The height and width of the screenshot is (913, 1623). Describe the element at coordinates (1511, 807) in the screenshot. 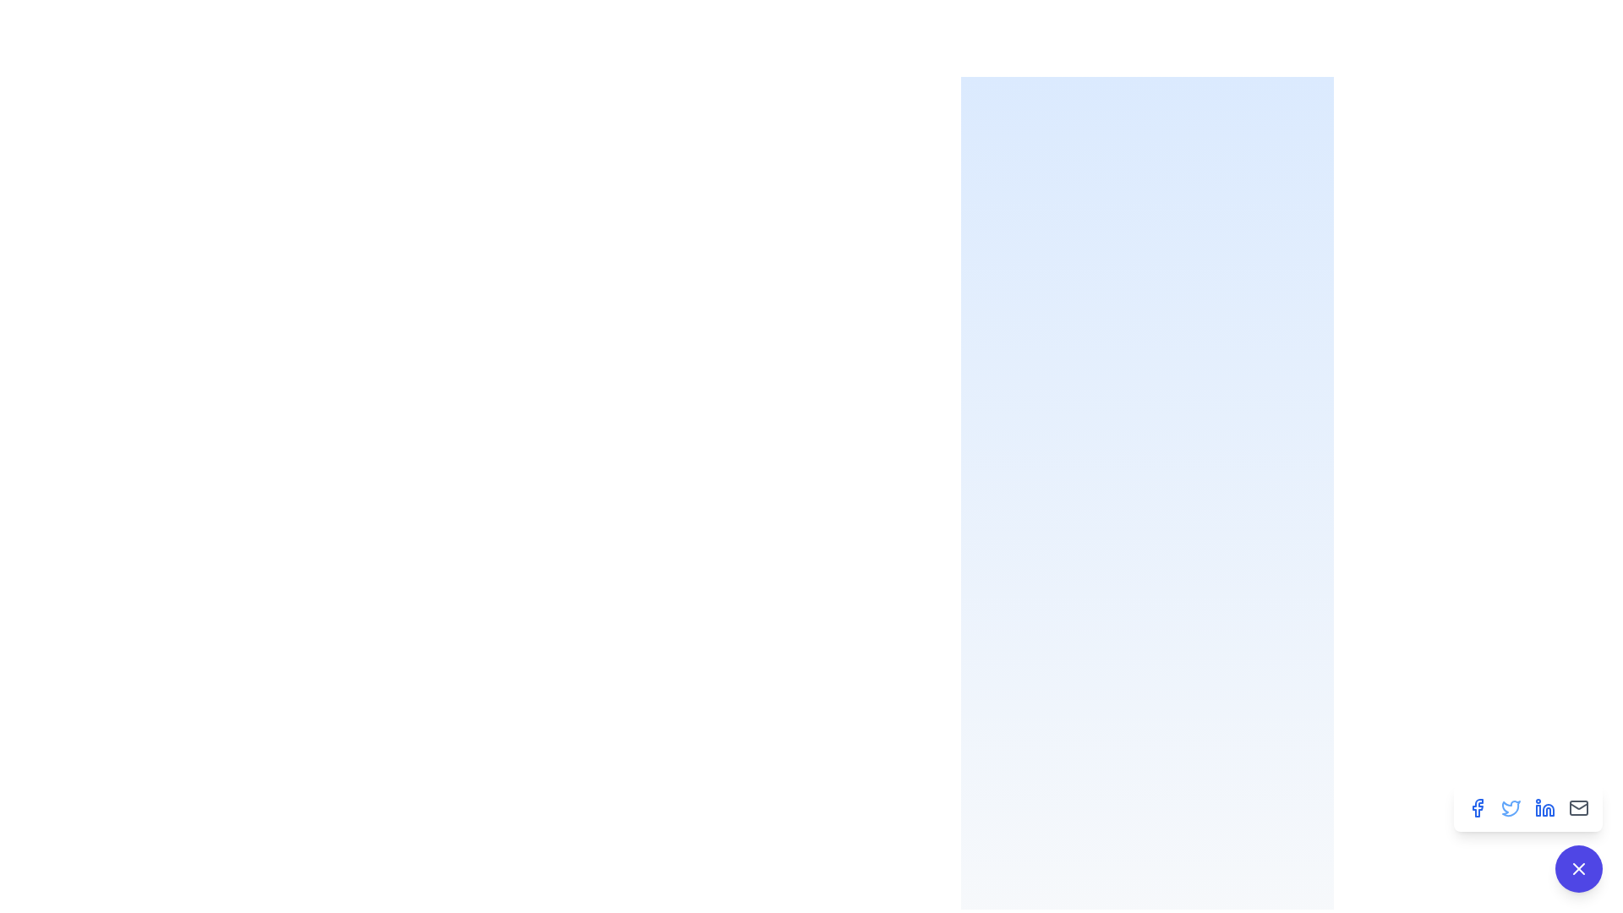

I see `the blue Twitter icon button located between the Facebook and LinkedIn icons at the bottom-right corner` at that location.